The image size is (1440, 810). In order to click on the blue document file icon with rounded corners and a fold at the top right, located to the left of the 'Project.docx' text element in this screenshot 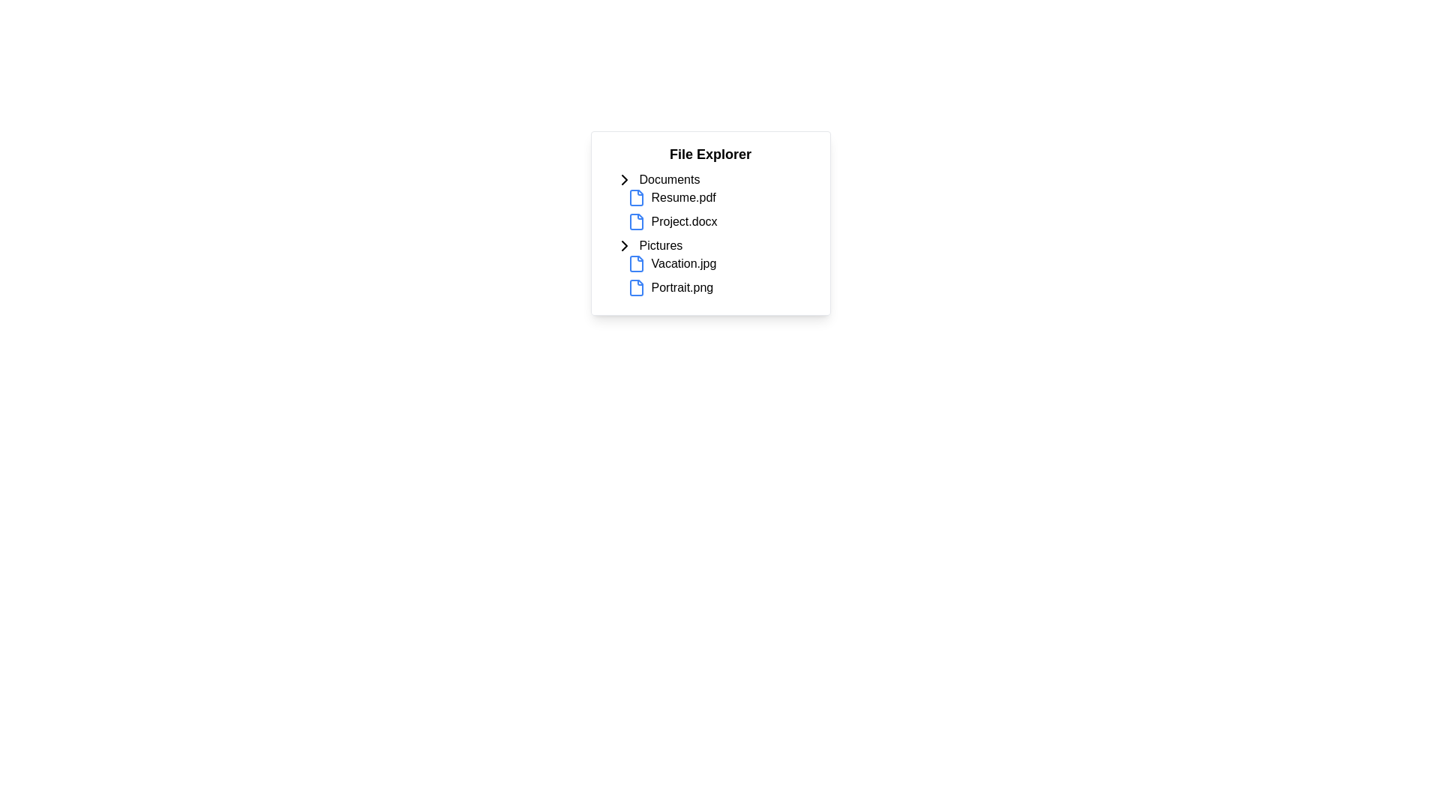, I will do `click(636, 222)`.